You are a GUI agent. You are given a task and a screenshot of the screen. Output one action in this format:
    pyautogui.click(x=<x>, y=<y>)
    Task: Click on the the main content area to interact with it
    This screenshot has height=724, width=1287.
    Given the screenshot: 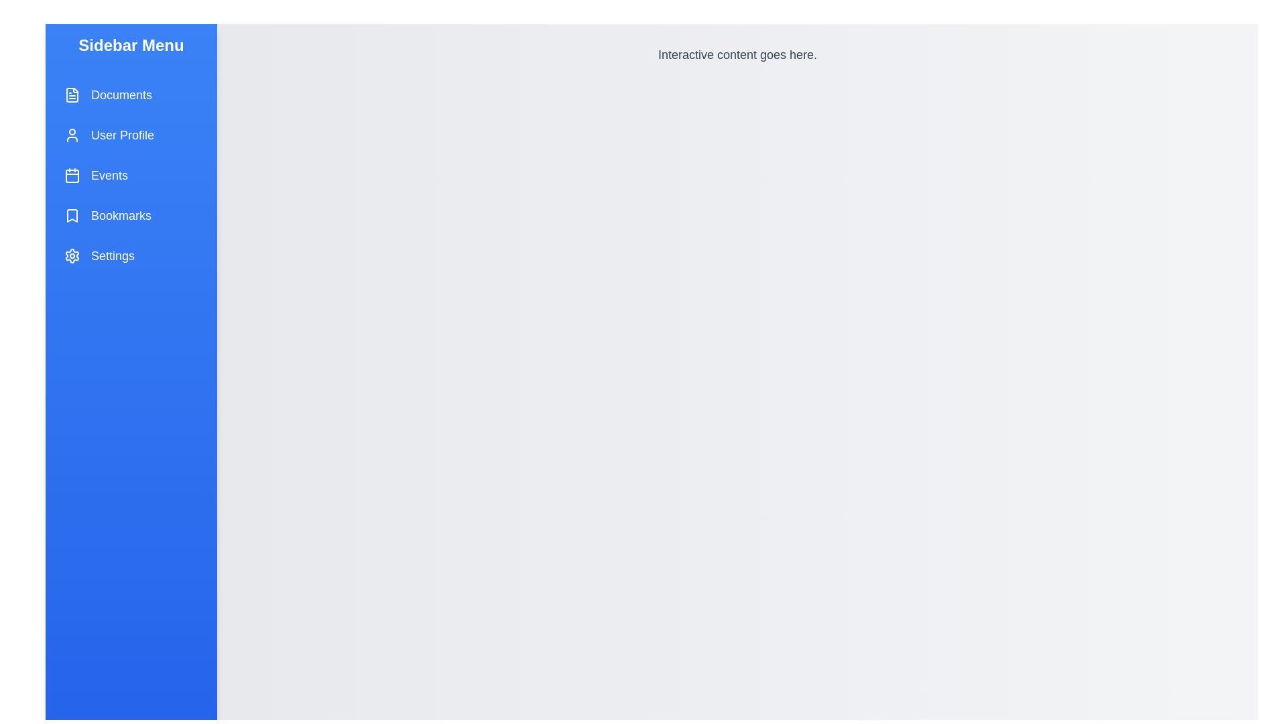 What is the action you would take?
    pyautogui.click(x=737, y=385)
    